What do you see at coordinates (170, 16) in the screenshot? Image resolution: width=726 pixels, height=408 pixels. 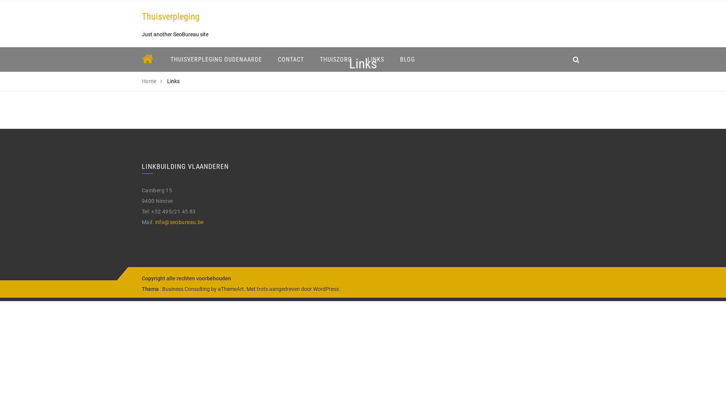 I see `'Thuisverpleging'` at bounding box center [170, 16].